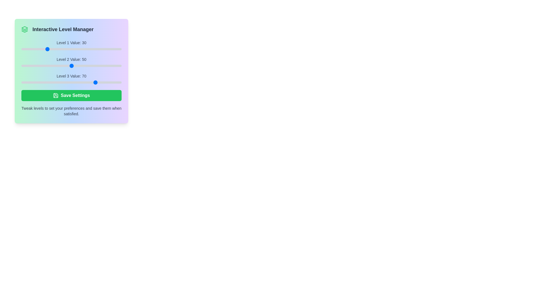  Describe the element at coordinates (71, 49) in the screenshot. I see `the range slider located below the label 'Level 1 Value: 30' to potentially view tooltips` at that location.